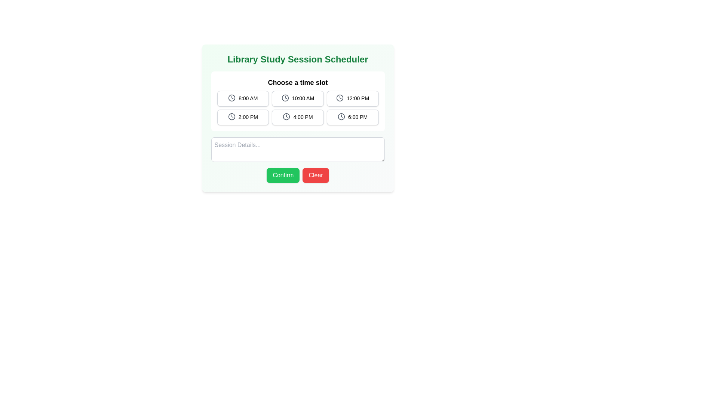  What do you see at coordinates (286, 117) in the screenshot?
I see `SVG circle element that serves as the boundary of the clock icon, visually representing time, located to the left of the '4:00 PM' time slot` at bounding box center [286, 117].